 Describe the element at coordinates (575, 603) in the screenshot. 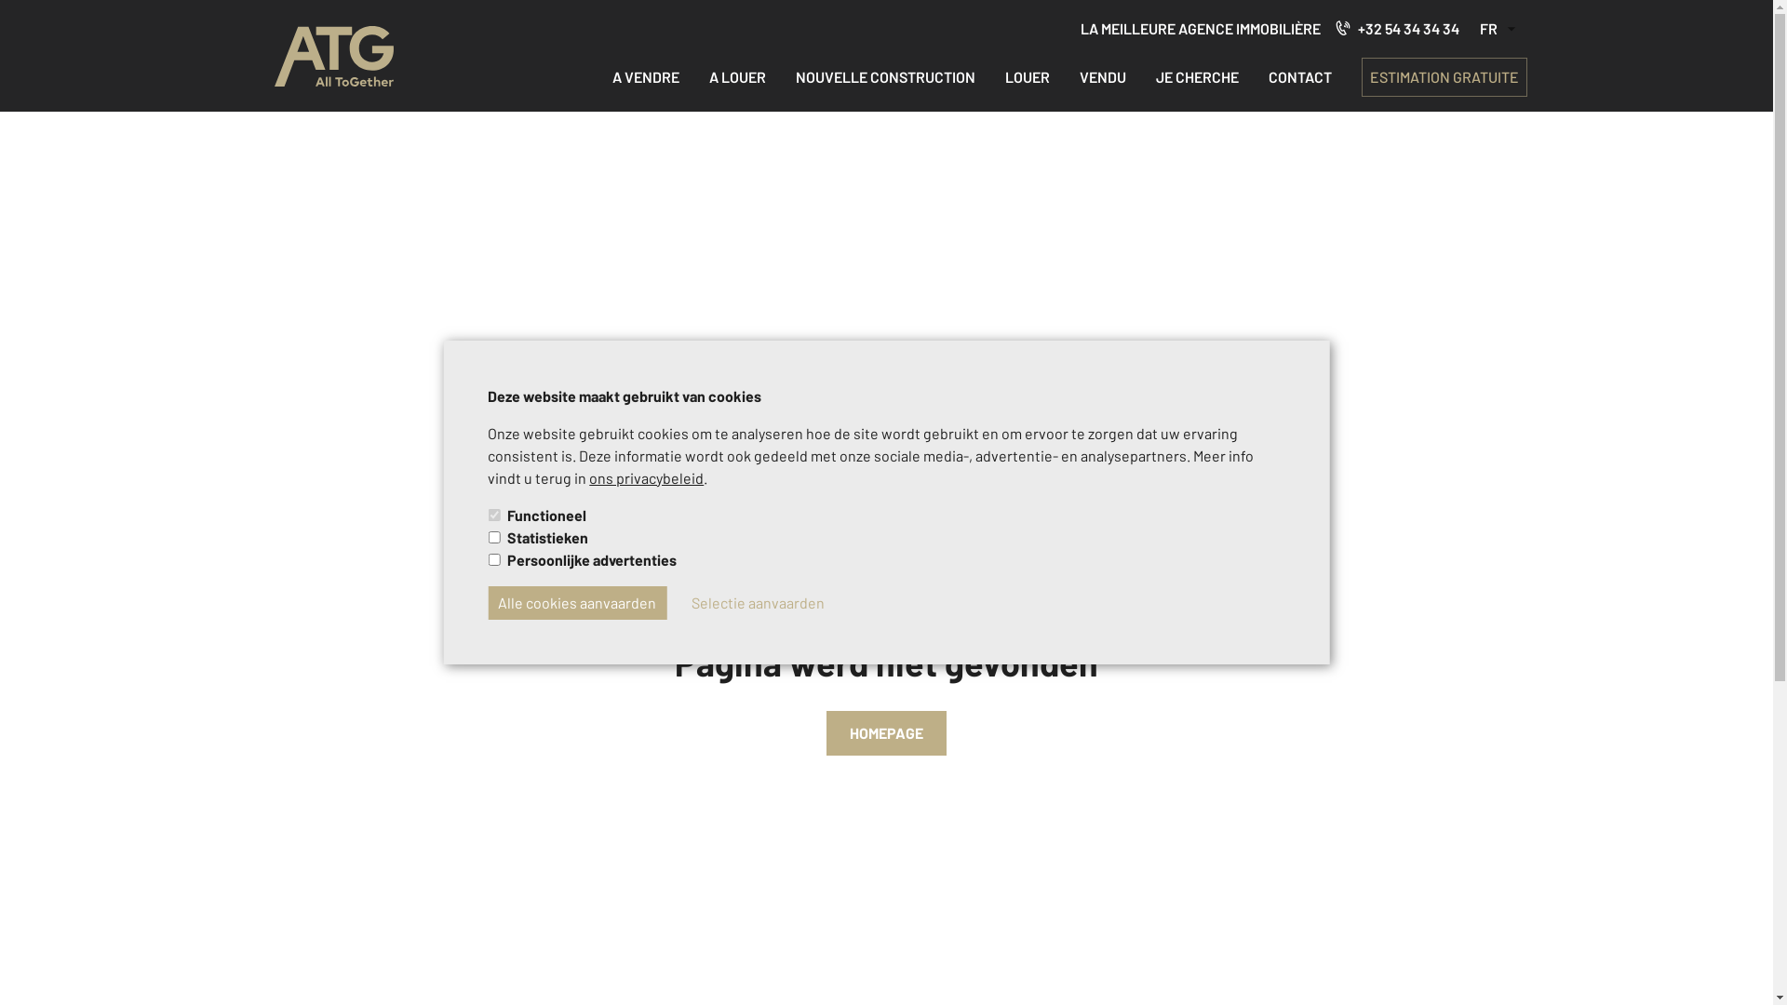

I see `'Alle cookies aanvaarden'` at that location.